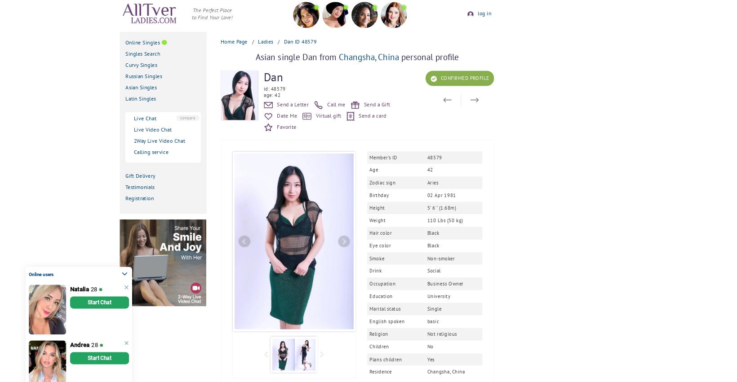  I want to click on 'Plans children', so click(369, 358).